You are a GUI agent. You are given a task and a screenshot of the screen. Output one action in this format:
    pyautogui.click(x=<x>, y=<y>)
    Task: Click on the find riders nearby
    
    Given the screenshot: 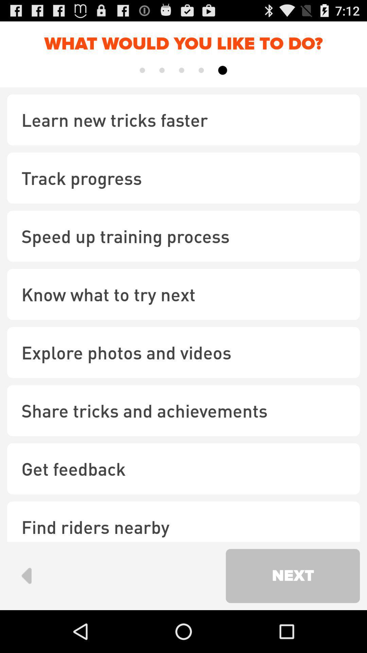 What is the action you would take?
    pyautogui.click(x=183, y=521)
    